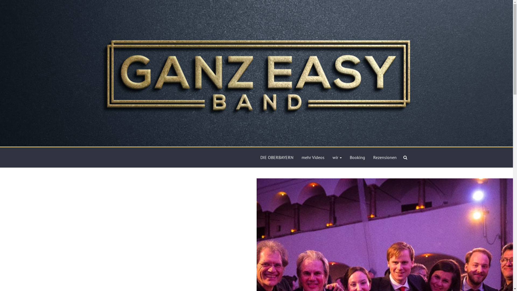 The width and height of the screenshot is (517, 291). Describe the element at coordinates (357, 157) in the screenshot. I see `'Booking'` at that location.